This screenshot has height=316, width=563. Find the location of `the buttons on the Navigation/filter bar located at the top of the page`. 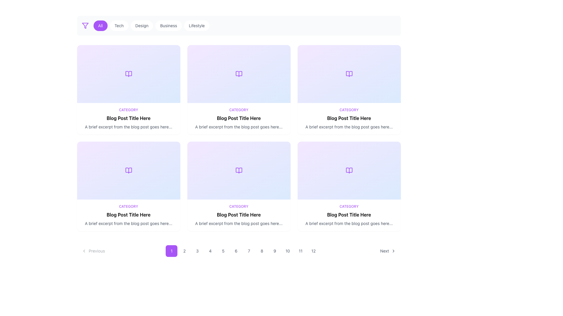

the buttons on the Navigation/filter bar located at the top of the page is located at coordinates (239, 25).